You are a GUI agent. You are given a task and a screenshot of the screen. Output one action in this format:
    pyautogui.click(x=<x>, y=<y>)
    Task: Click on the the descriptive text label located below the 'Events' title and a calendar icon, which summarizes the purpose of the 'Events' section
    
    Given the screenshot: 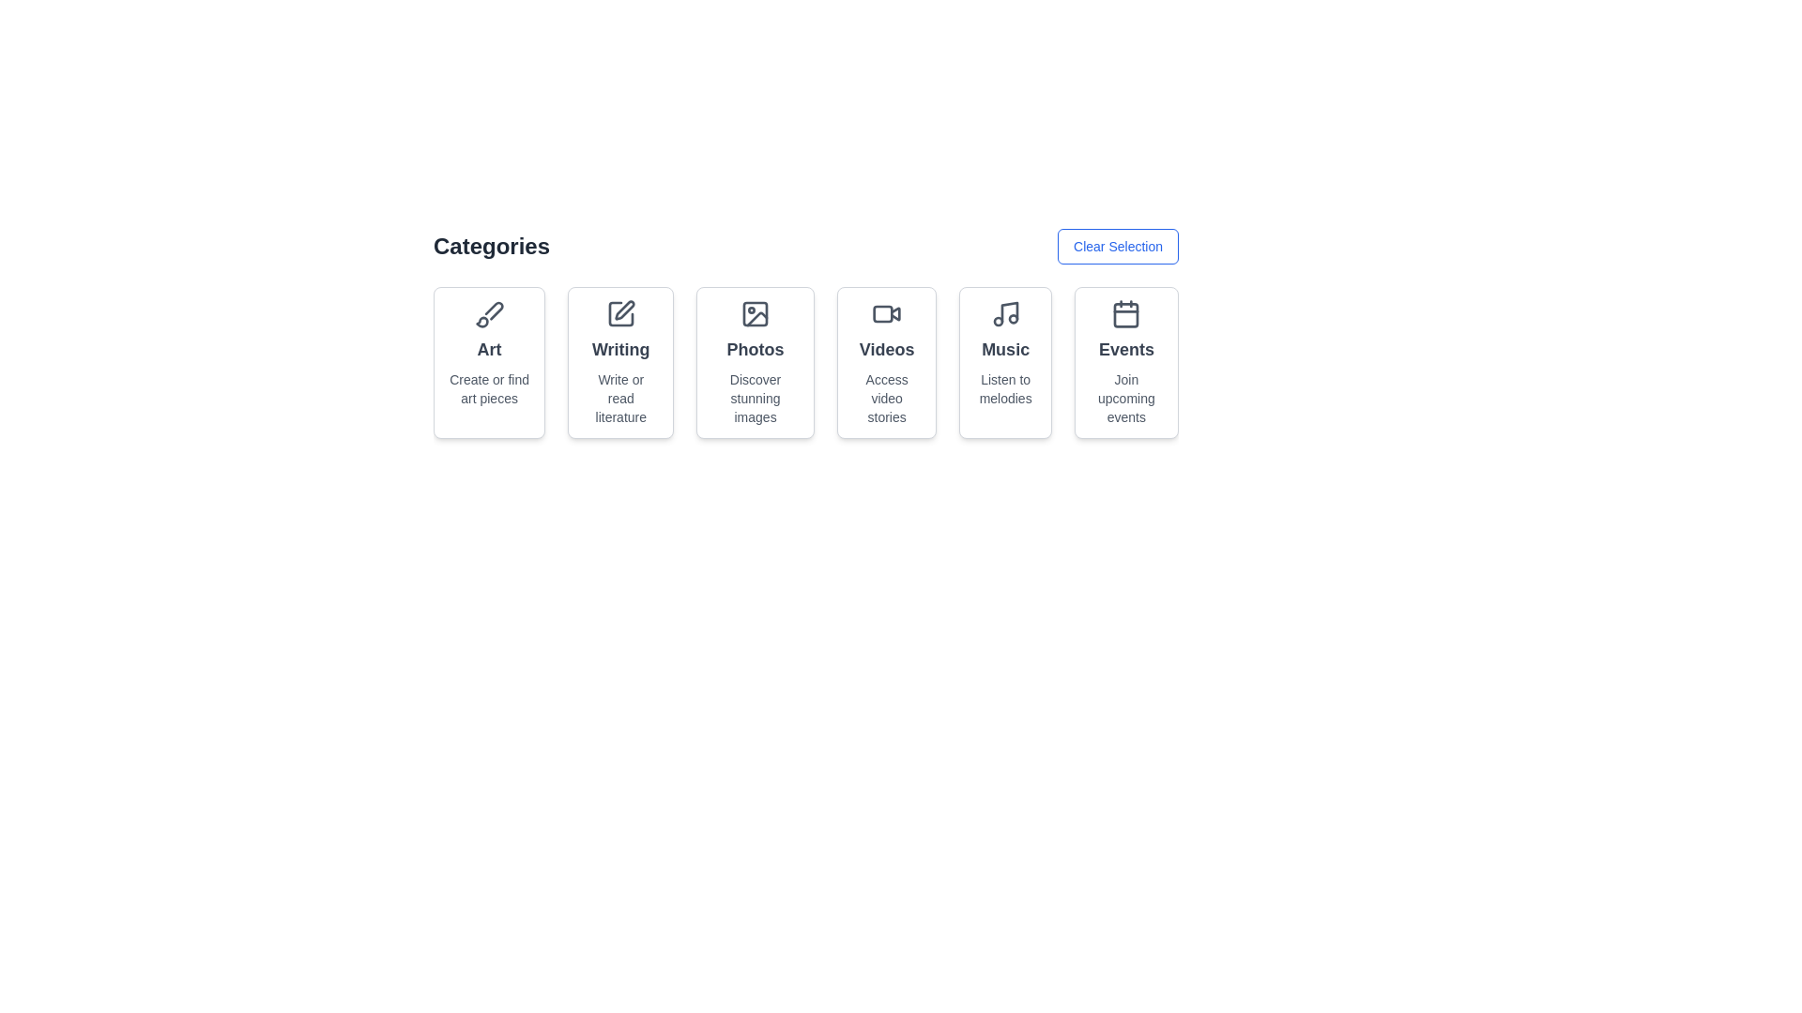 What is the action you would take?
    pyautogui.click(x=1126, y=397)
    